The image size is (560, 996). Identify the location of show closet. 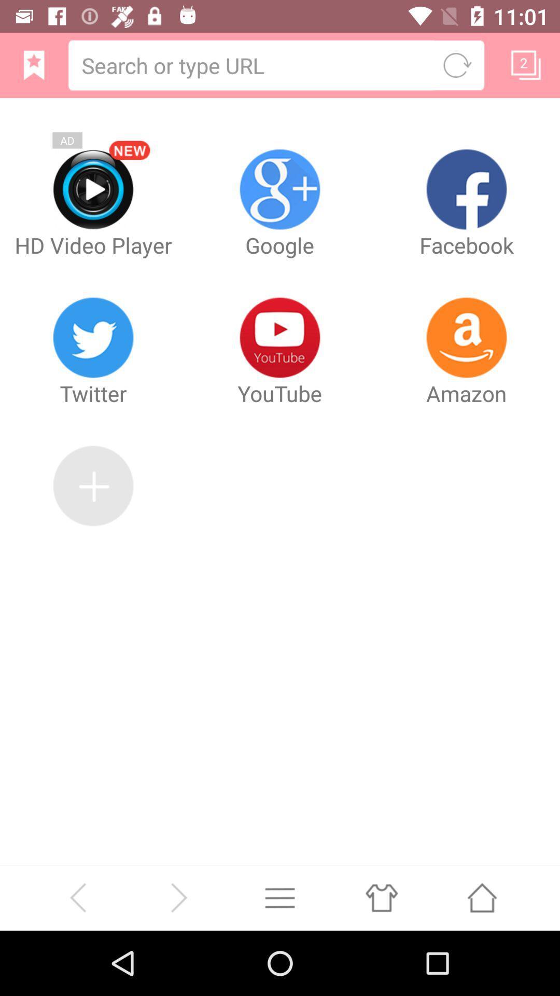
(381, 897).